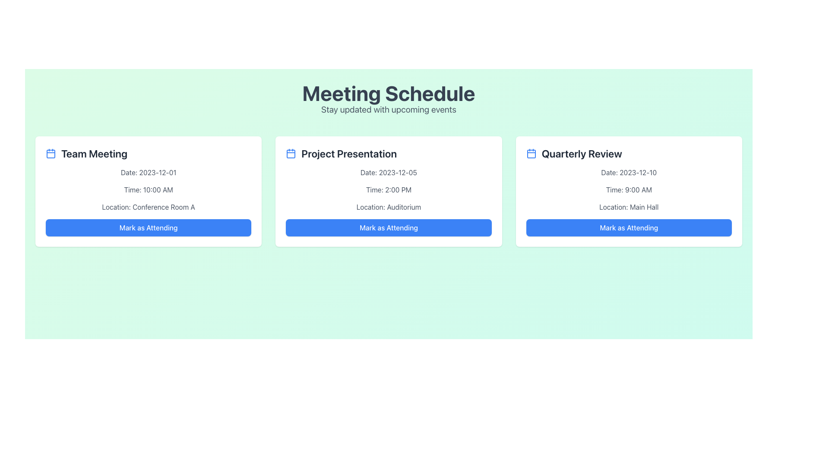  Describe the element at coordinates (629, 207) in the screenshot. I see `the static text element that conveys the location of the event in the third card on the right in the 'Meeting Schedule' layout, positioned below 'Time: 9:00 AM' and above the 'Mark as Attending' button` at that location.